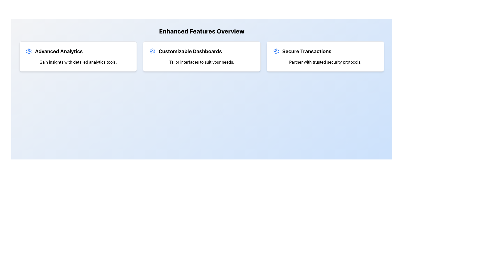 The height and width of the screenshot is (276, 491). What do you see at coordinates (152, 51) in the screenshot?
I see `cog-shaped blue icon located in the middle card labeled 'Customizable Dashboards', which appears in the top-left corner of the card` at bounding box center [152, 51].